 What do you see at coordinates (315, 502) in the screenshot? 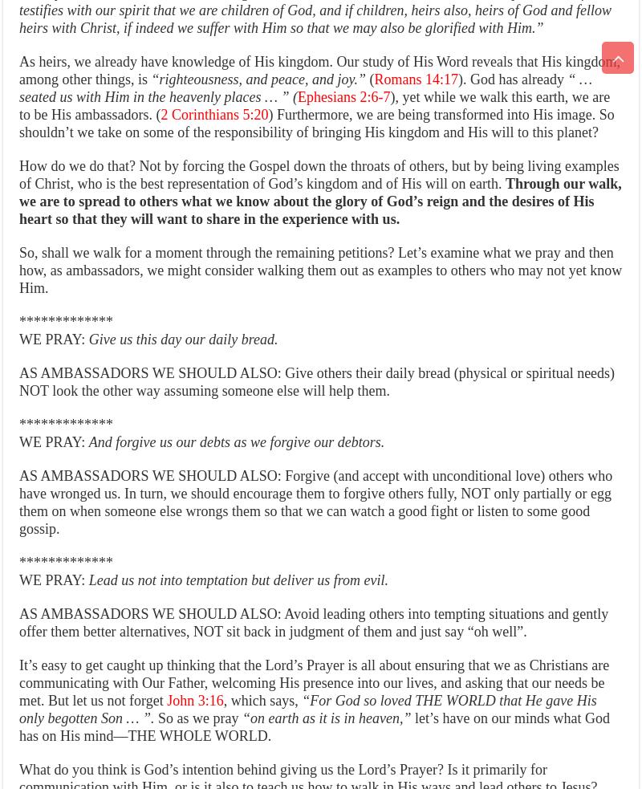
I see `'AS AMBASSADORS WE SHOULD ALSO: Forgive (and accept with unconditional love) others who have wronged us. In turn, we should encourage them to forgive others fully, NOT only partially or egg them on when someone else wrongs them so that we can watch a good fight or listen to some good gossip.'` at bounding box center [315, 502].